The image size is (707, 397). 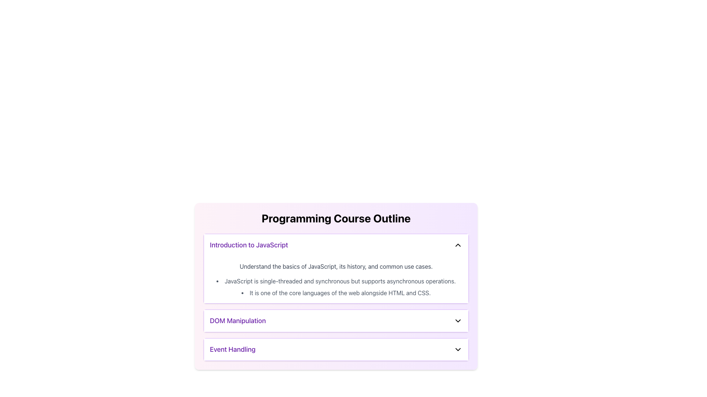 What do you see at coordinates (457, 349) in the screenshot?
I see `the collapsible section icon located at the far right of the 'Event Handling' entry` at bounding box center [457, 349].